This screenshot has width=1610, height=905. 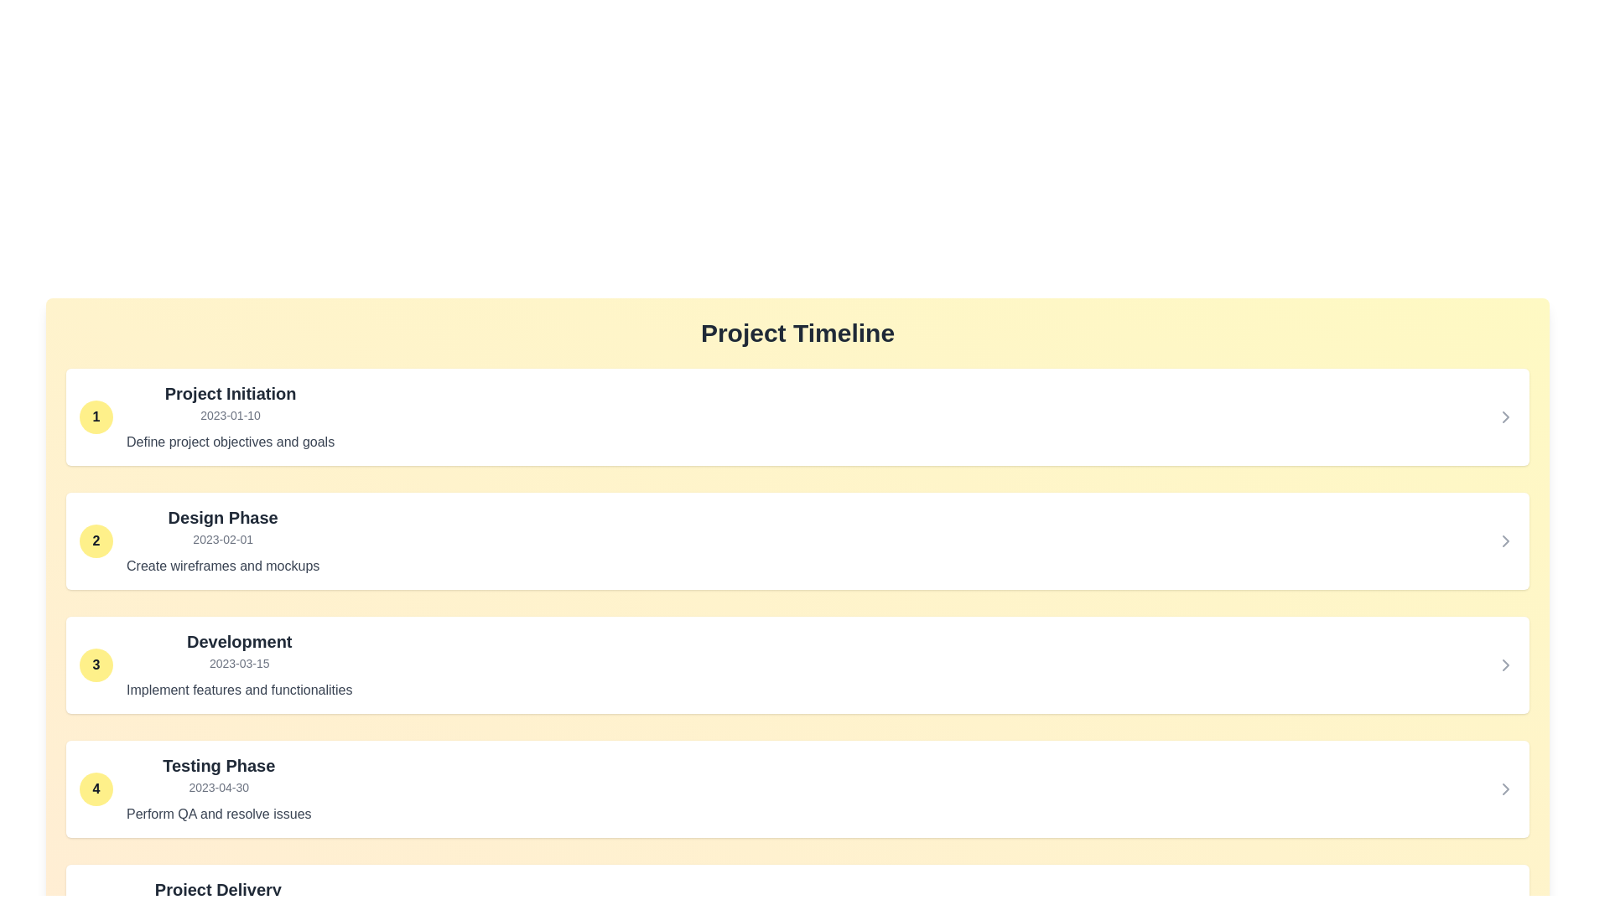 I want to click on the static text label that serves as the heading for the current project phase context, located under the 'Testing Phase' section, so click(x=217, y=888).